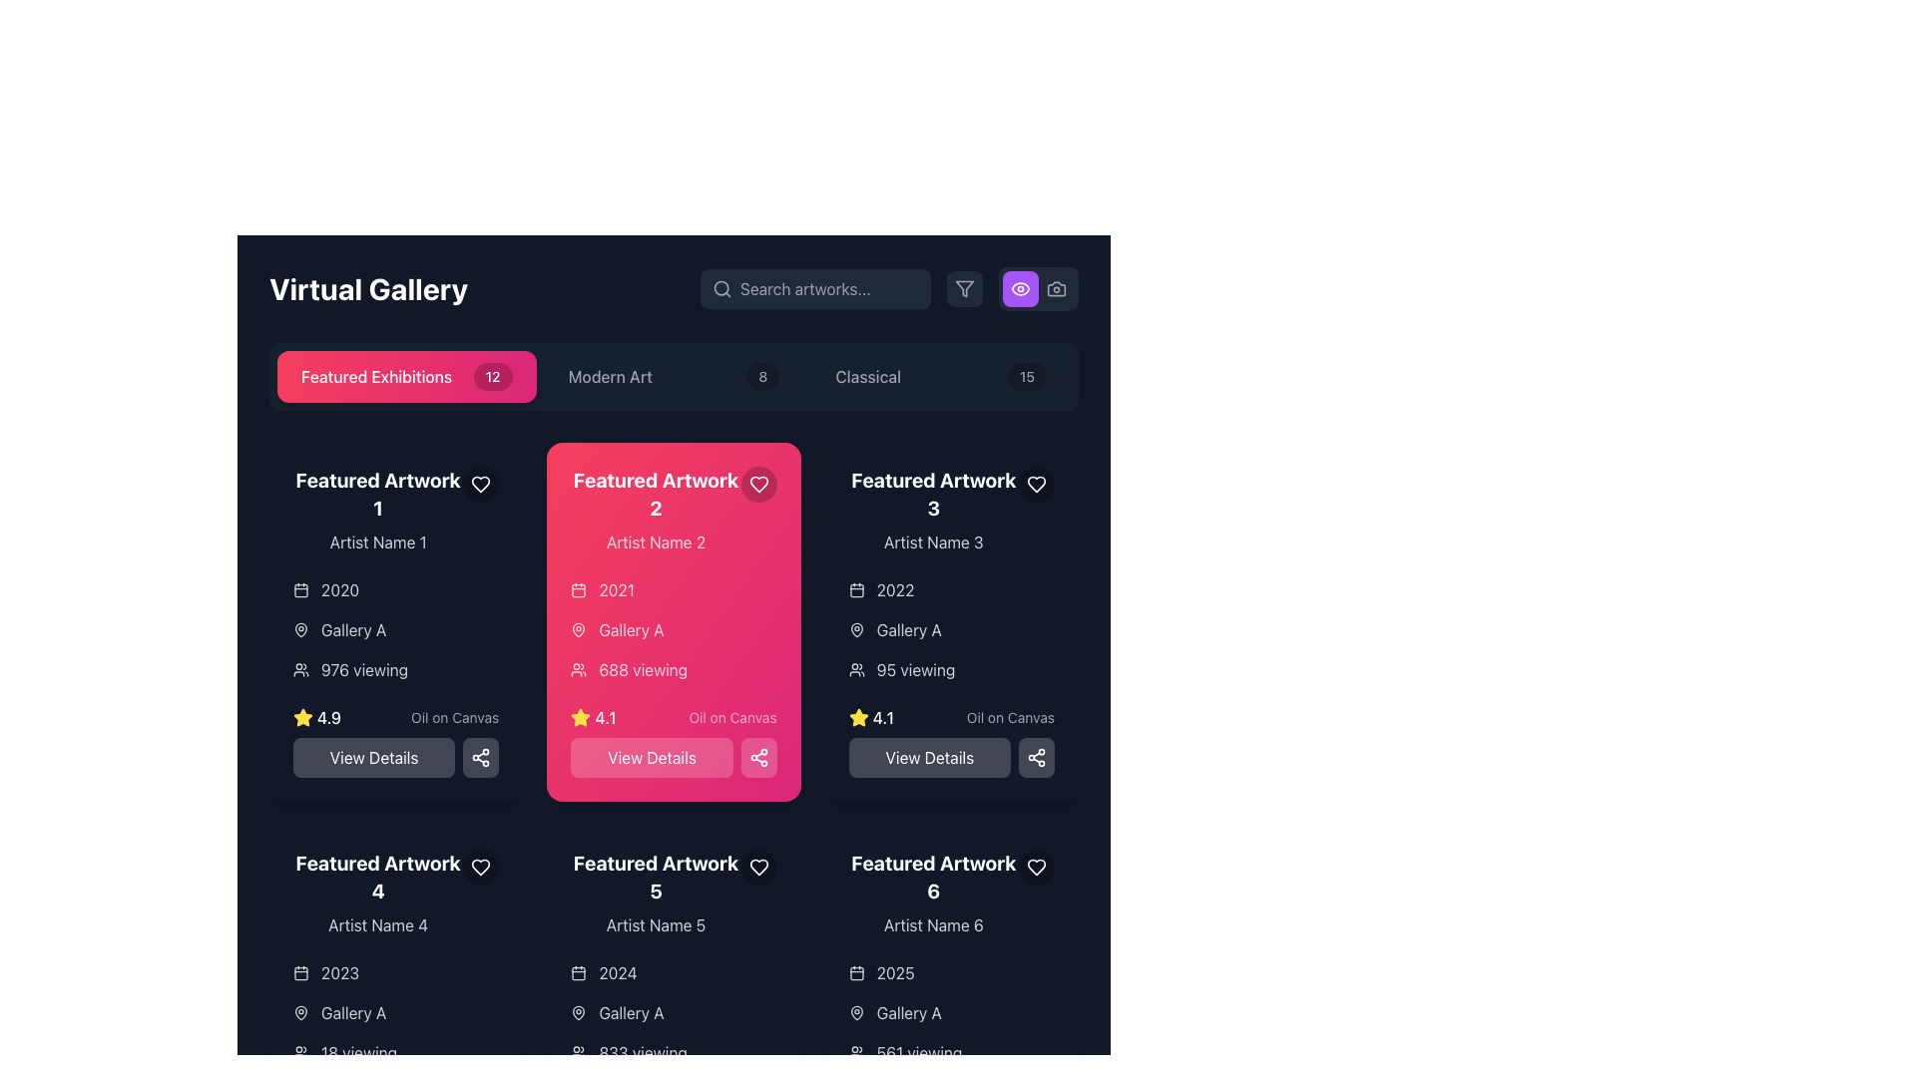 This screenshot has width=1916, height=1077. I want to click on the text label displaying the value '4.9' in bold, white font, located in the bottom-left section of the card labeled 'Featured Artwork 1', adjacent to a yellow star icon, so click(315, 718).